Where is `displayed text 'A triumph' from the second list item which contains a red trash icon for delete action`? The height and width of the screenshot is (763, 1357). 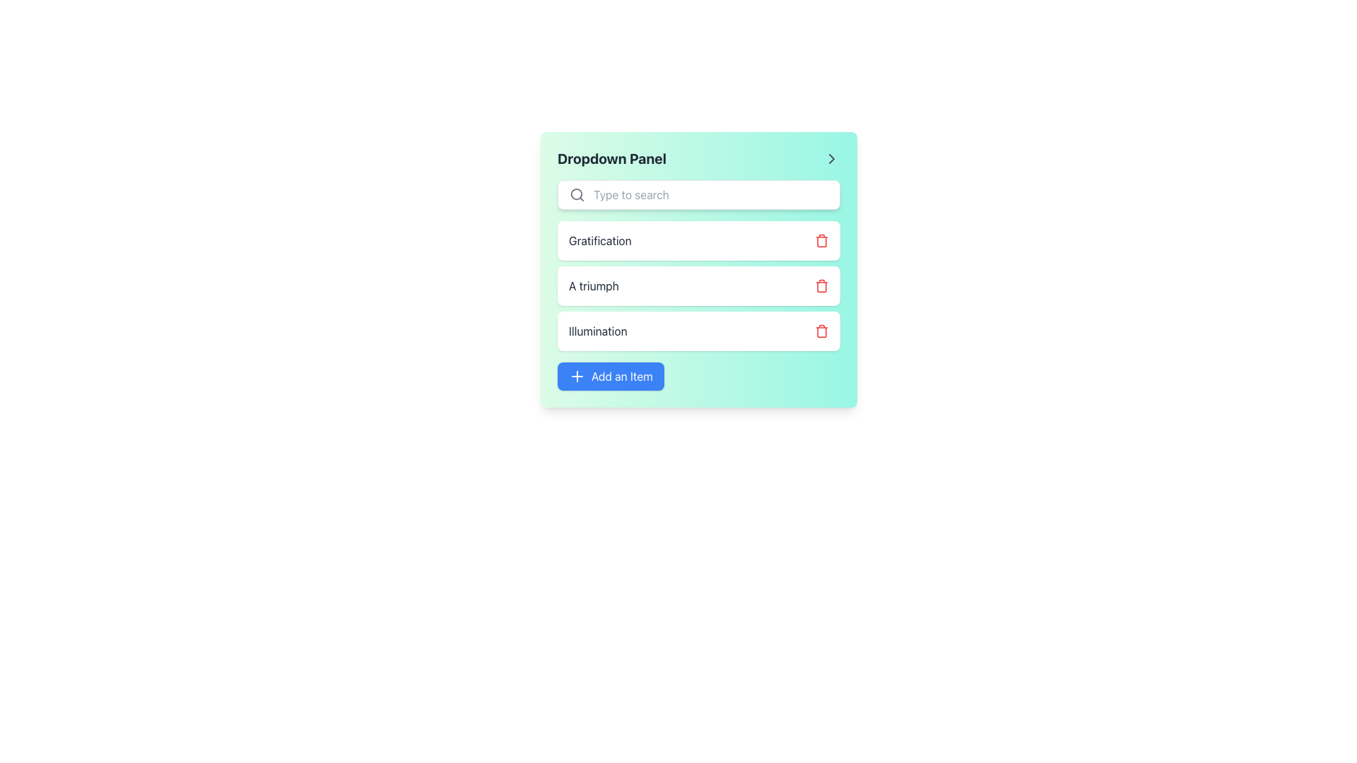 displayed text 'A triumph' from the second list item which contains a red trash icon for delete action is located at coordinates (698, 286).